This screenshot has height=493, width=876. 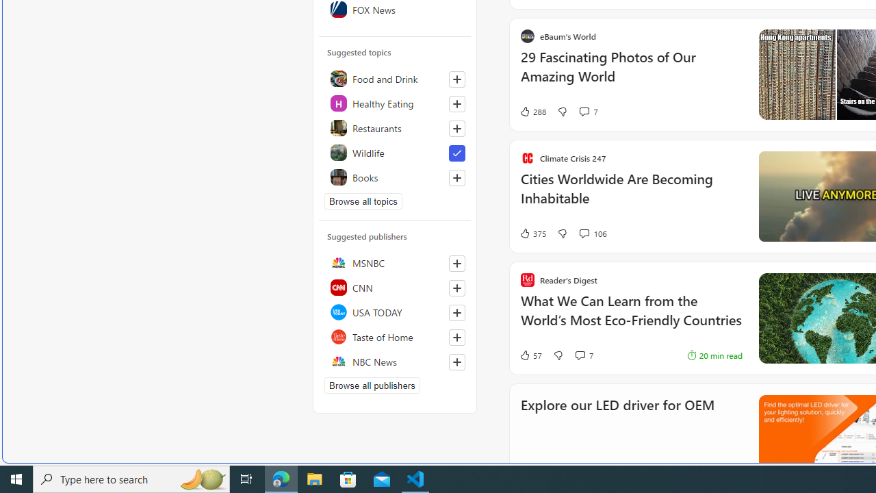 I want to click on 'View comments 106 Comment', so click(x=584, y=232).